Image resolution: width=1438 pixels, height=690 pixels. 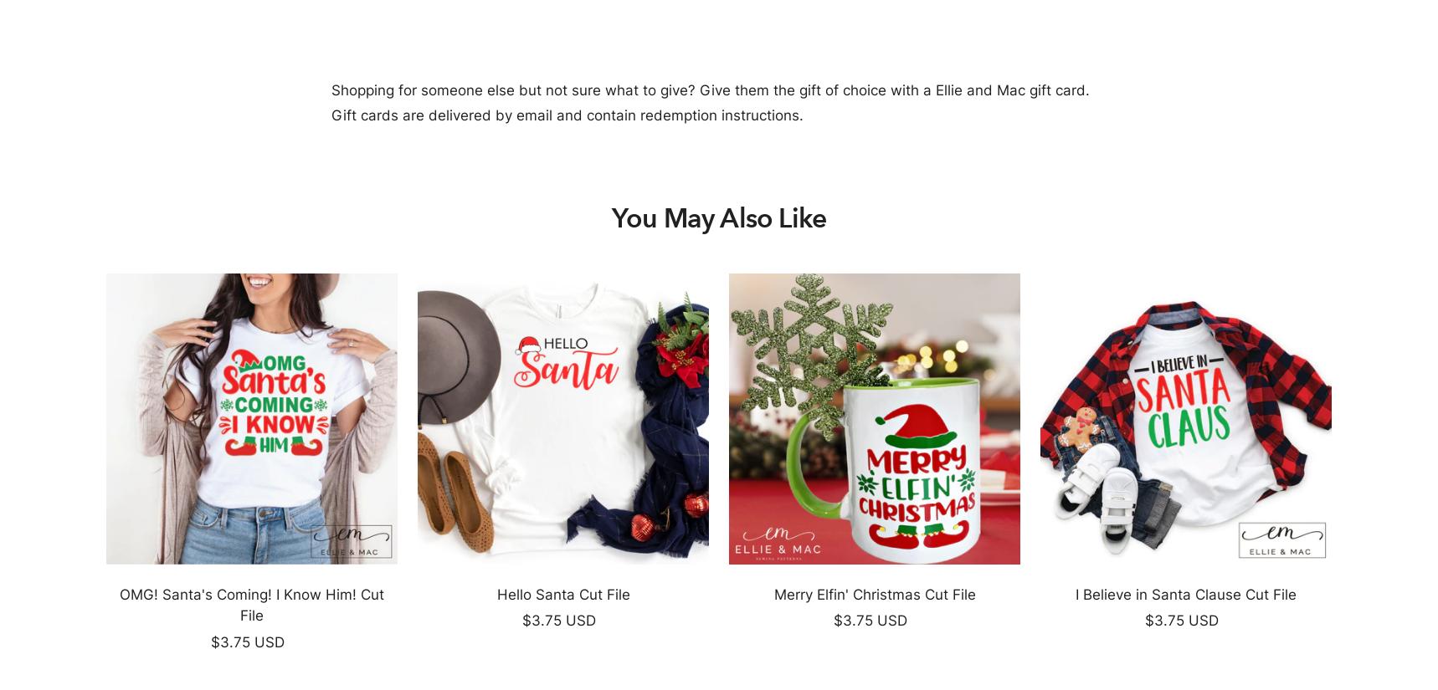 What do you see at coordinates (277, 528) in the screenshot?
I see `'PDF Sewing Patterns'` at bounding box center [277, 528].